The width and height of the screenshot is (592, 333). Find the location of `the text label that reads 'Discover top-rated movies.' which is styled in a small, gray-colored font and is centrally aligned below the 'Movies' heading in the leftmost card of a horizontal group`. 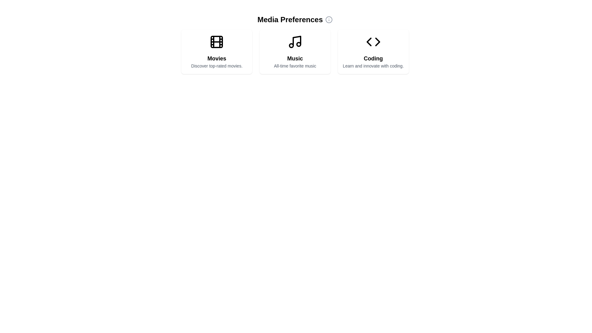

the text label that reads 'Discover top-rated movies.' which is styled in a small, gray-colored font and is centrally aligned below the 'Movies' heading in the leftmost card of a horizontal group is located at coordinates (217, 66).